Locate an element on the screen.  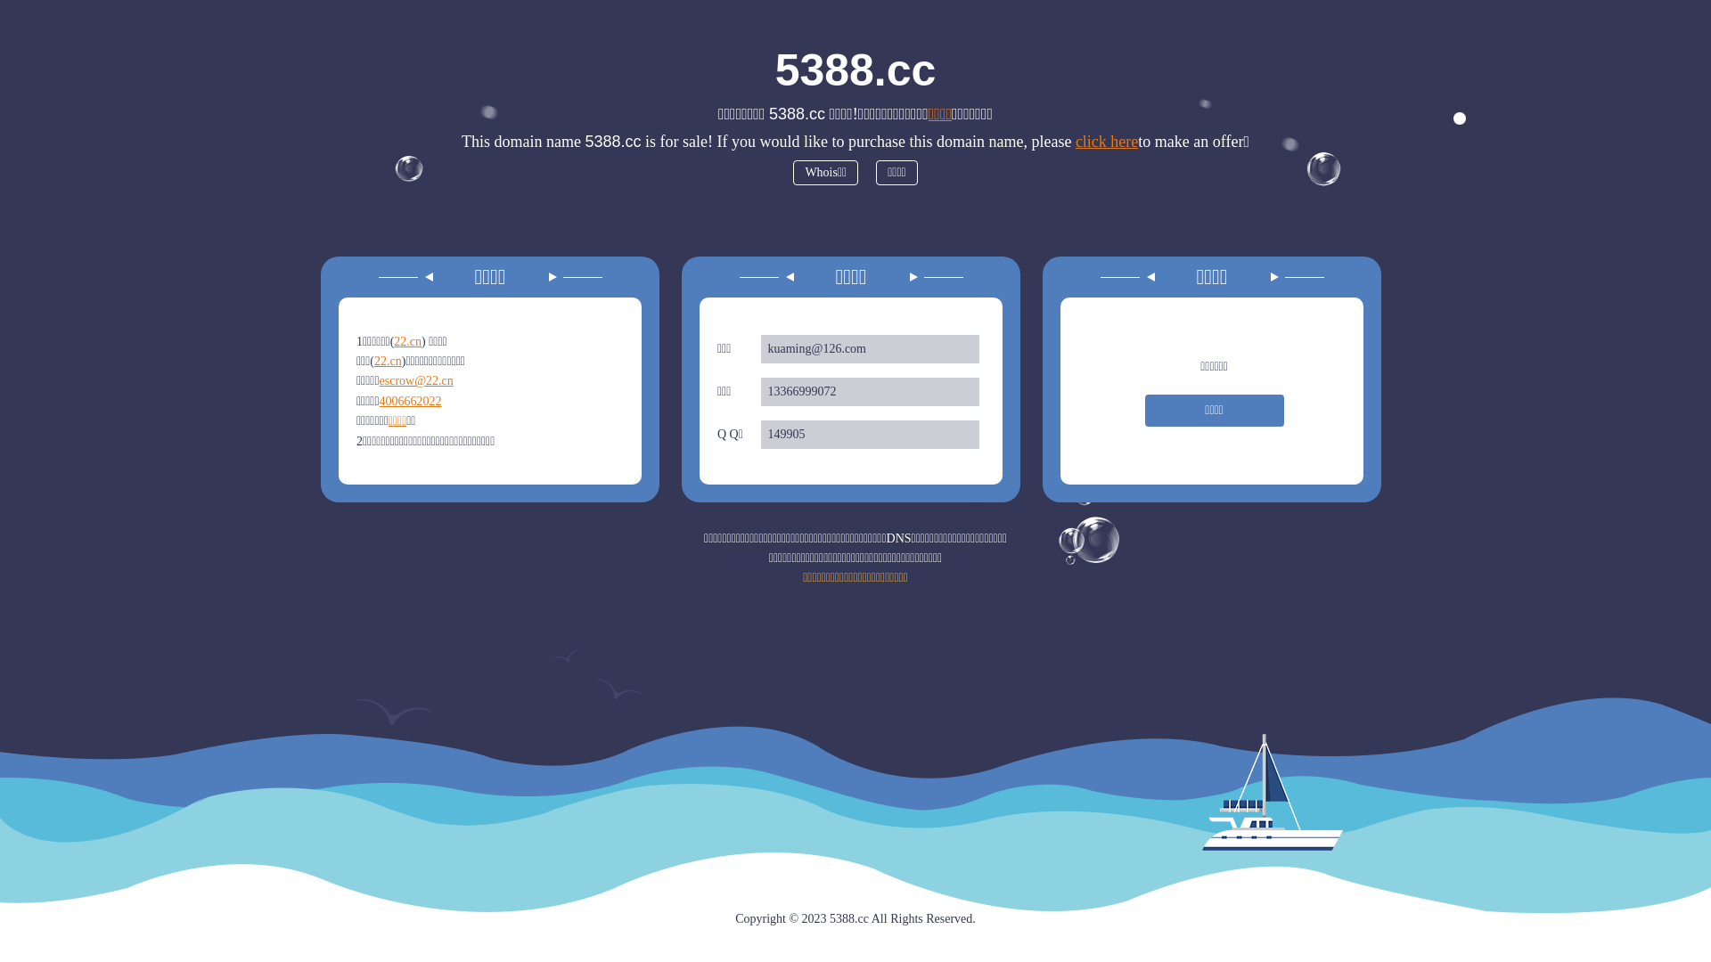
'click here' is located at coordinates (1106, 140).